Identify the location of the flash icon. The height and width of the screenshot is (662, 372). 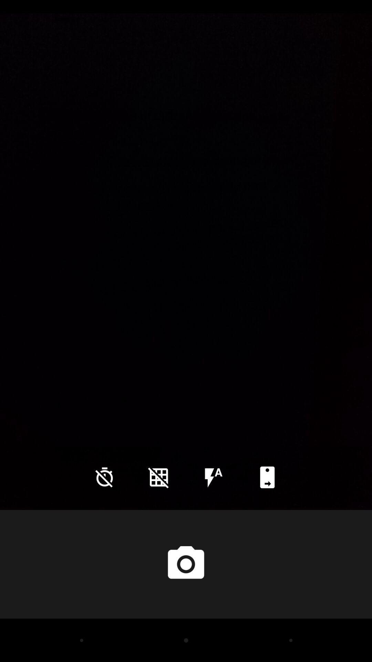
(213, 477).